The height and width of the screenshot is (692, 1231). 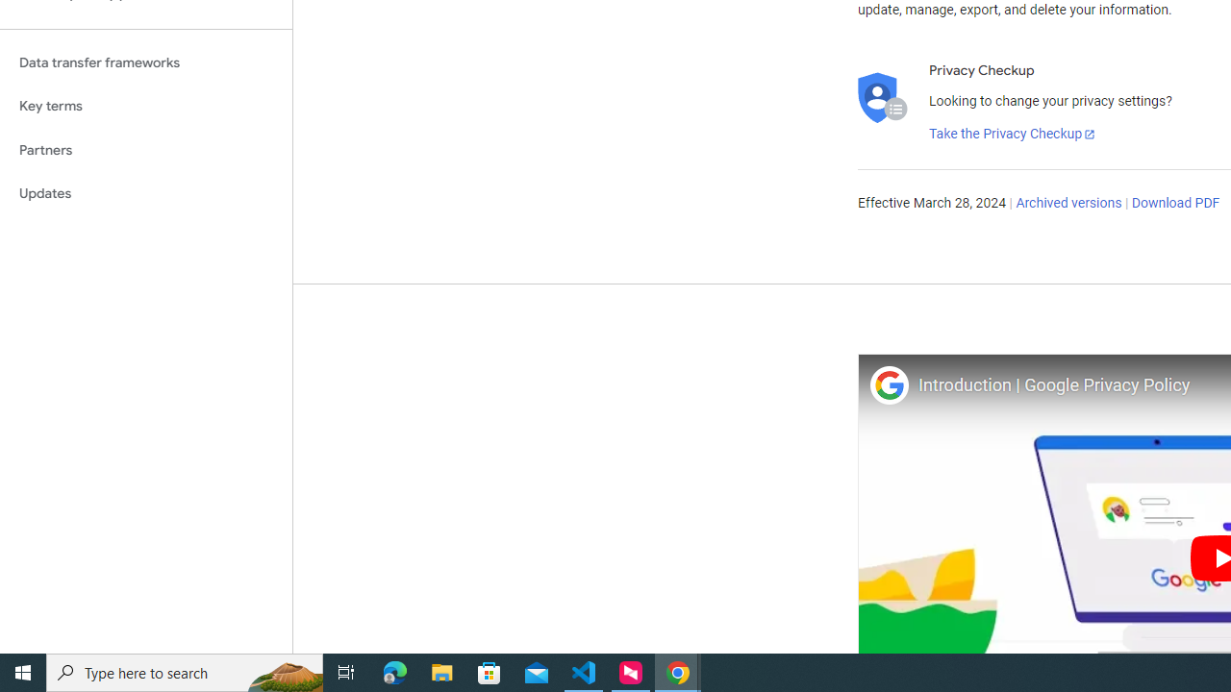 I want to click on 'Download PDF', so click(x=1174, y=204).